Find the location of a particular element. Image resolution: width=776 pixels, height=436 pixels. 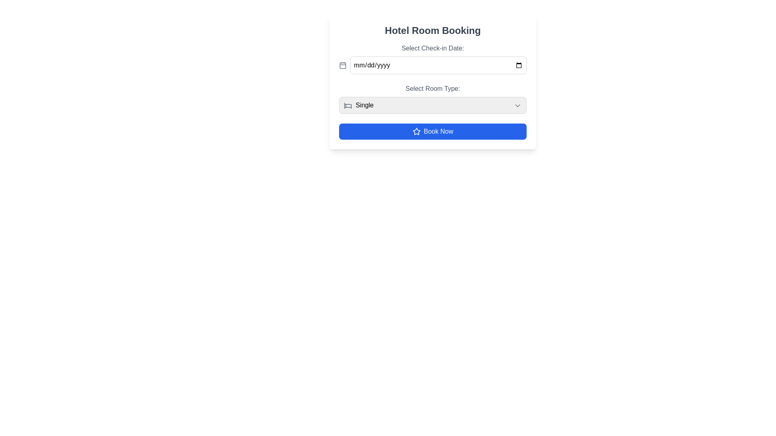

the Date input field for check-in located below the main title 'Hotel Room Booking' and above the 'Select Room Type:' dropdown is located at coordinates (432, 59).